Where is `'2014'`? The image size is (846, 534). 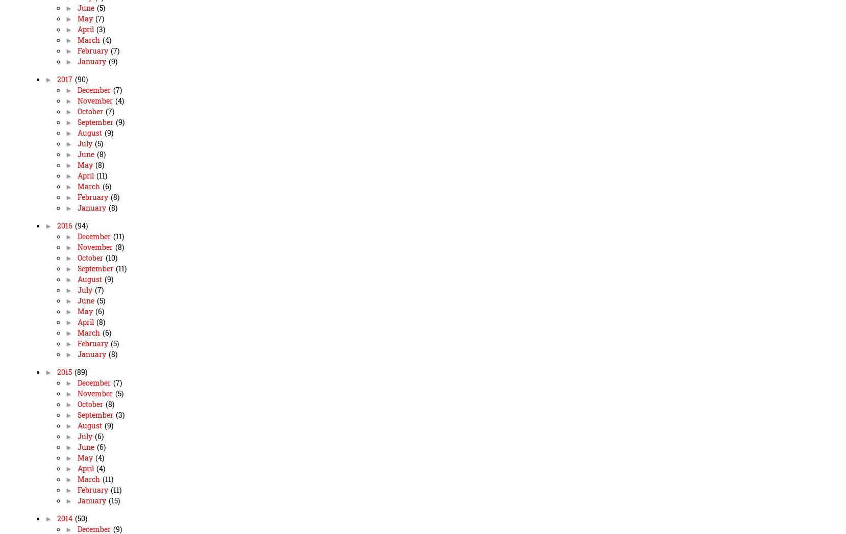 '2014' is located at coordinates (65, 519).